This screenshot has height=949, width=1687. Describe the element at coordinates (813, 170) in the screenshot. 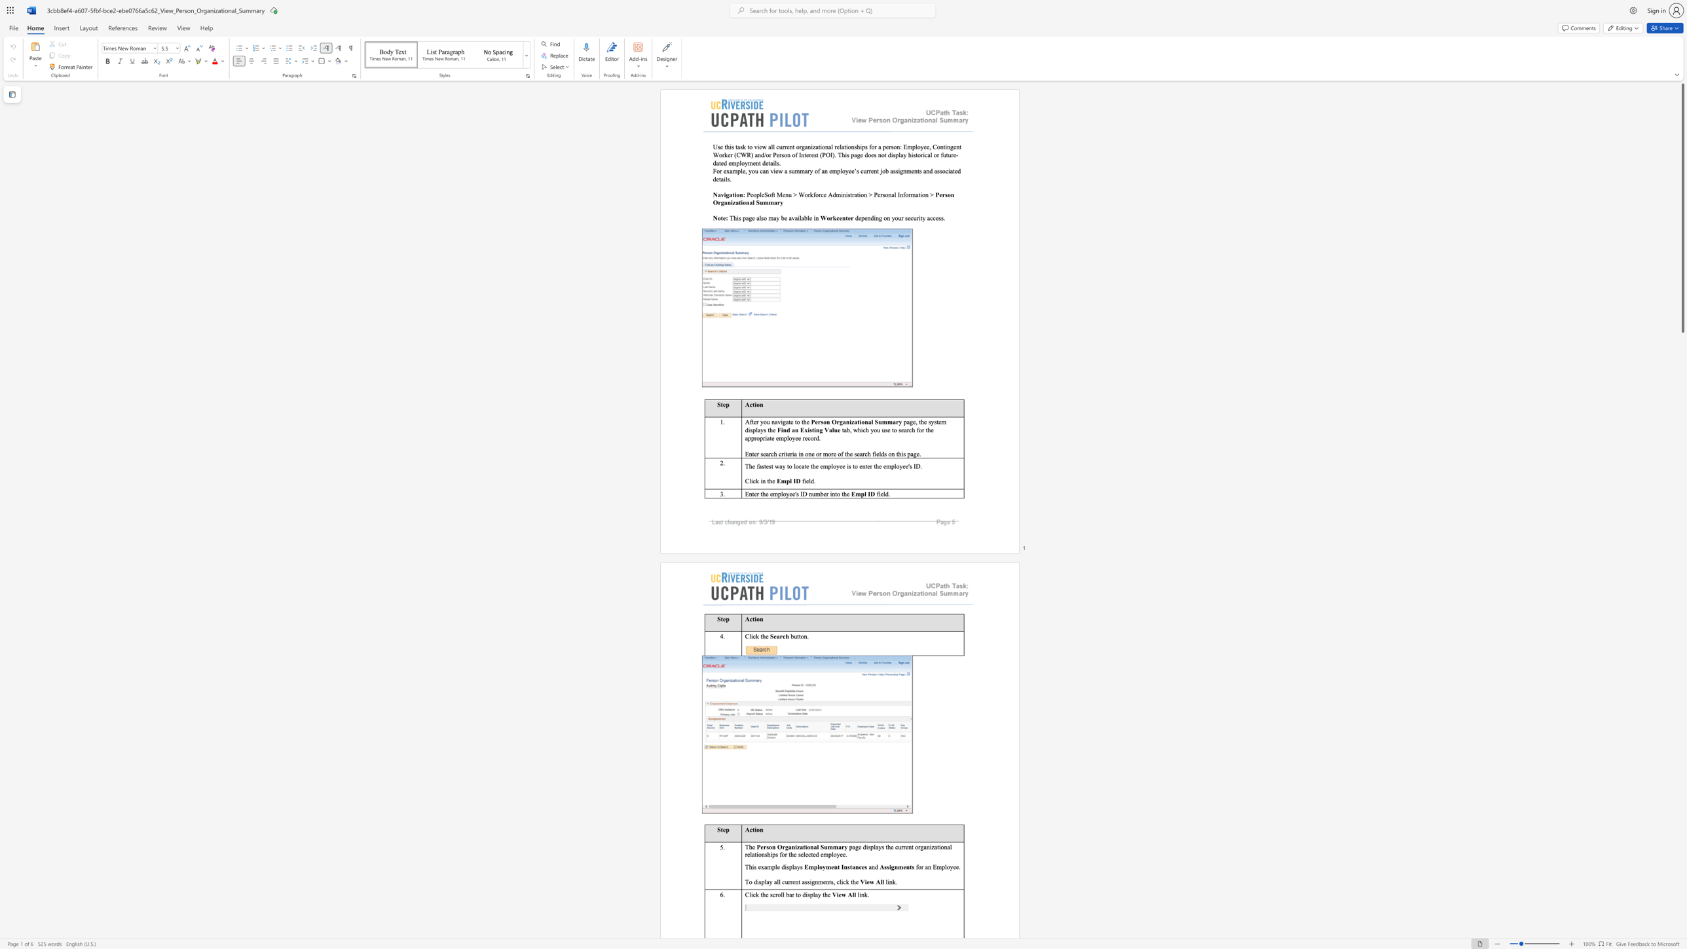

I see `the subset text "of an emplo" within the text "For example, you can view a summary of an employee’s current job assignments and associated details."` at that location.